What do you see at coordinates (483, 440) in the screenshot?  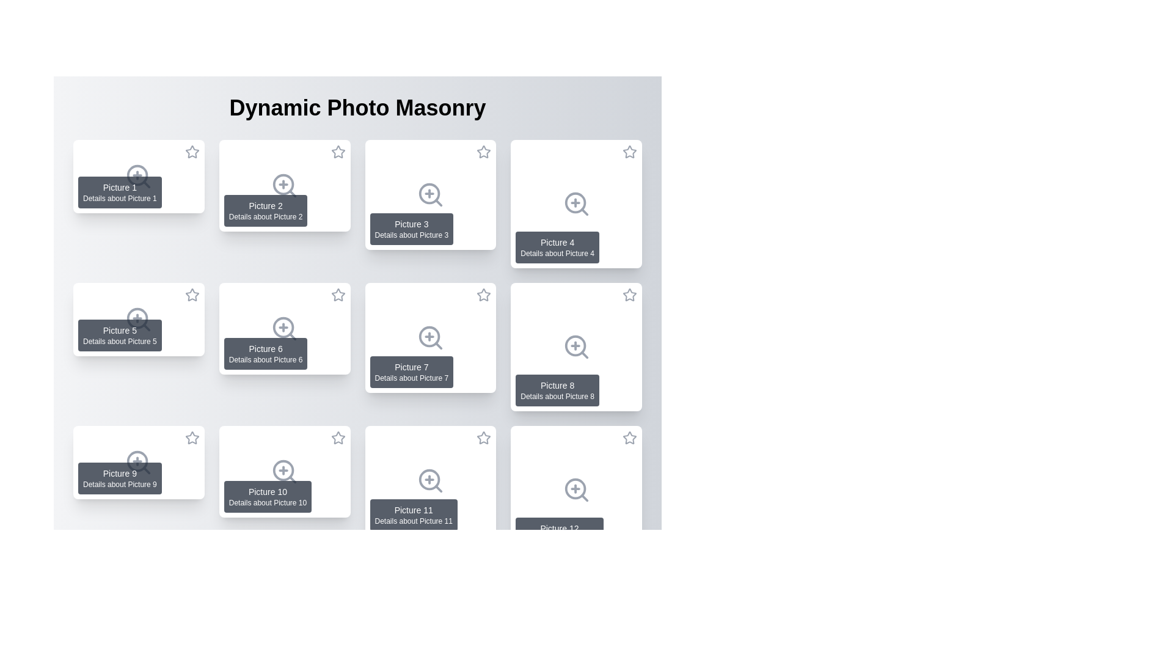 I see `the star icon located at the top-right corner of the card for 'Picture 11' to favorite this card` at bounding box center [483, 440].